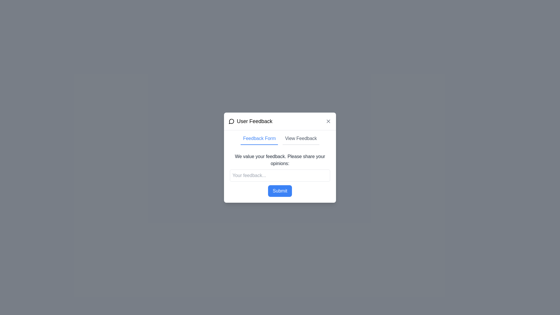 This screenshot has width=560, height=315. What do you see at coordinates (231, 121) in the screenshot?
I see `the black circular speech bubble icon, which is the central component of the feedback modal` at bounding box center [231, 121].